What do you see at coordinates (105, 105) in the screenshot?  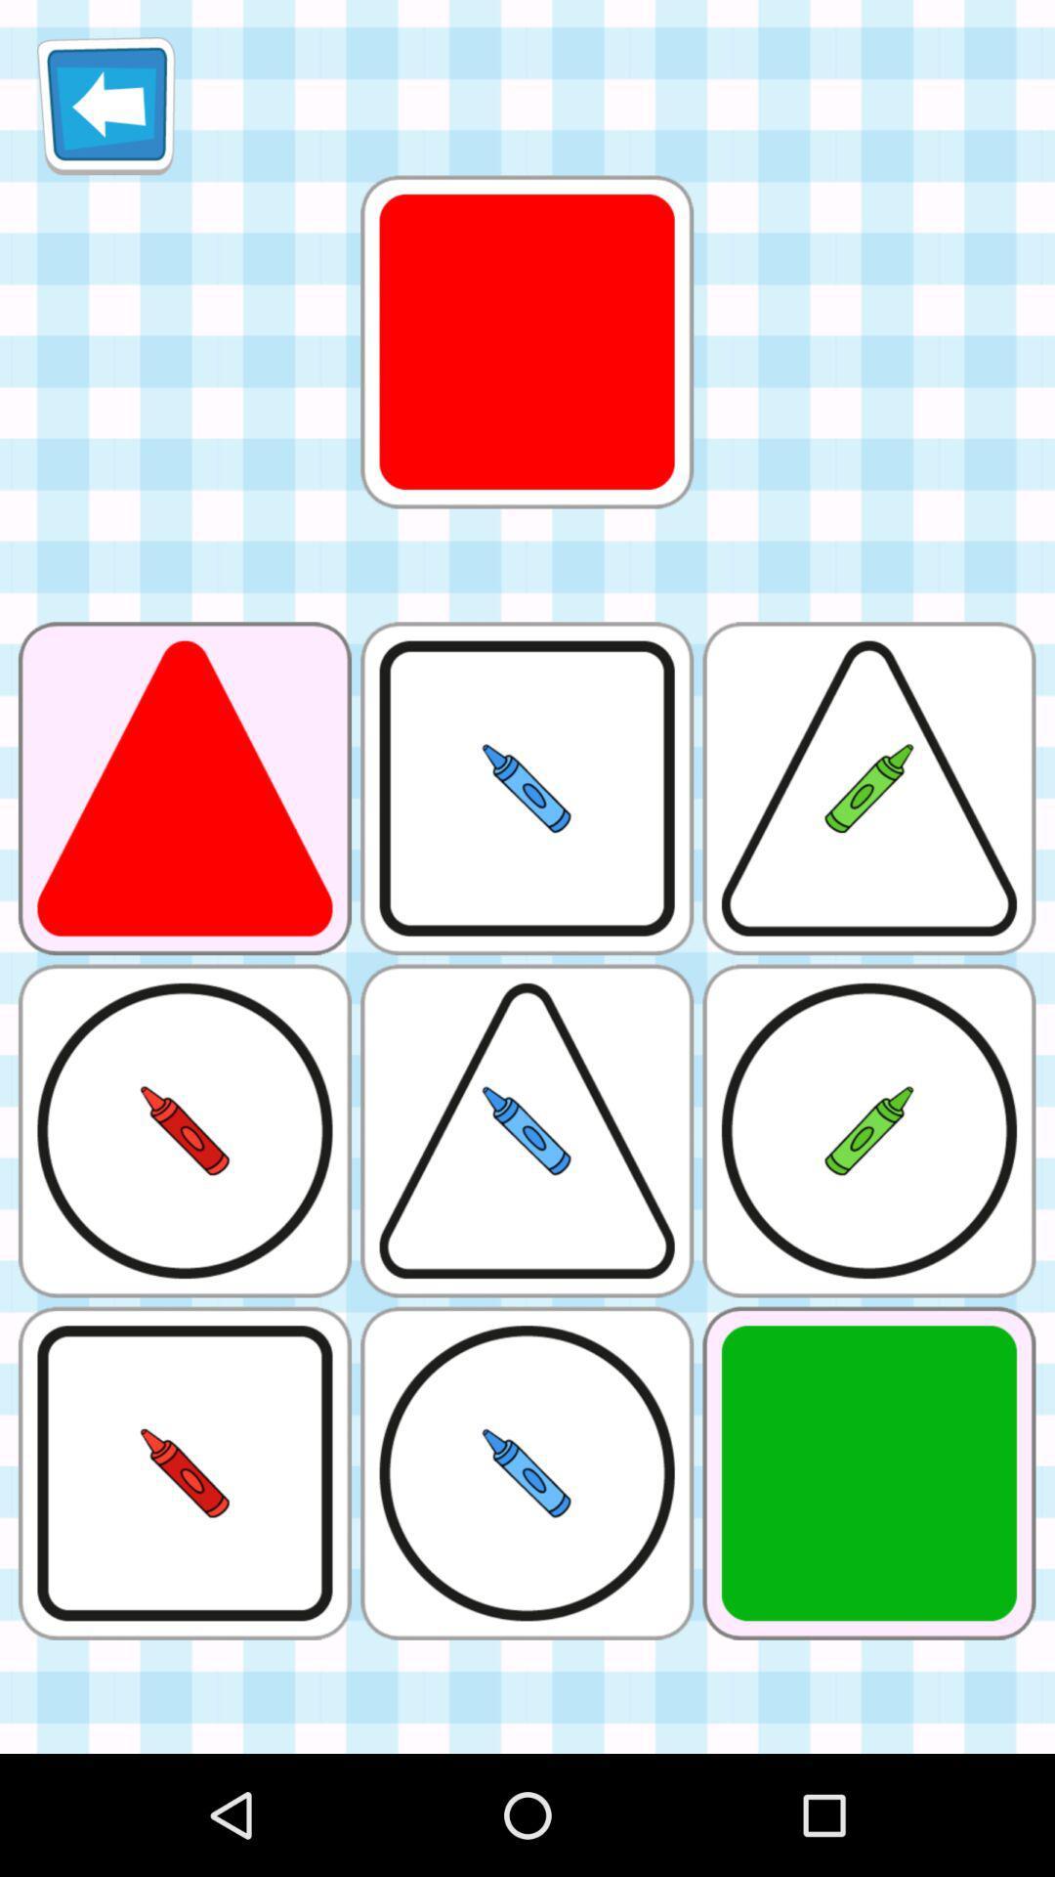 I see `arrow` at bounding box center [105, 105].